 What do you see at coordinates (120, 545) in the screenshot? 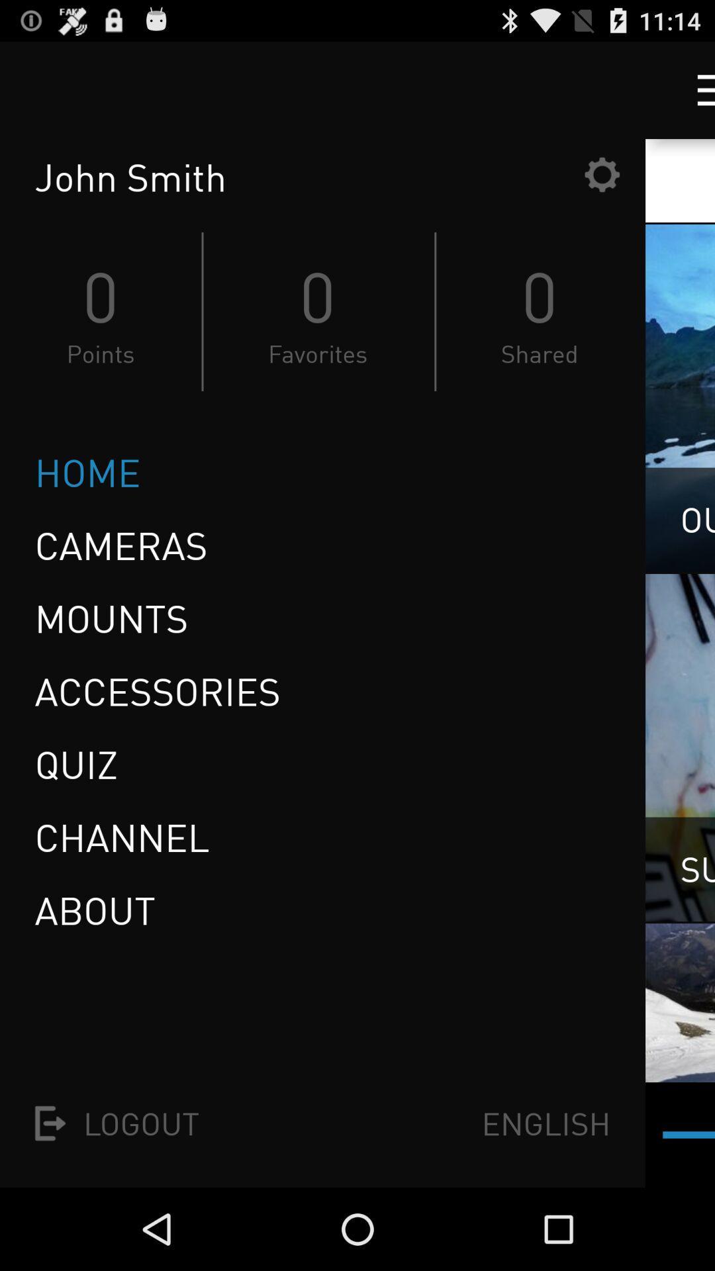
I see `cameras item` at bounding box center [120, 545].